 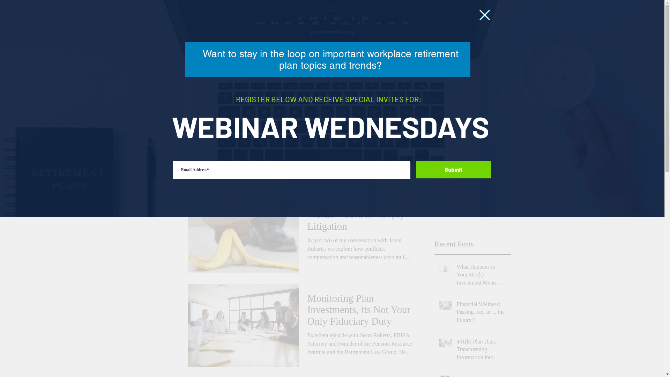 What do you see at coordinates (416, 170) in the screenshot?
I see `'Submit'` at bounding box center [416, 170].